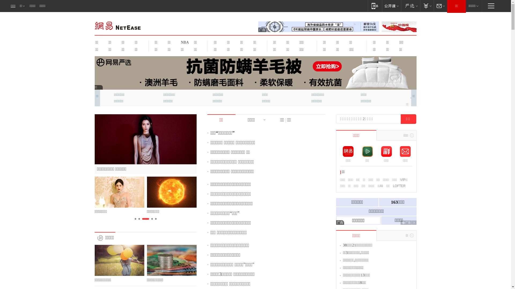 The height and width of the screenshot is (289, 515). I want to click on 'NBA', so click(184, 42).